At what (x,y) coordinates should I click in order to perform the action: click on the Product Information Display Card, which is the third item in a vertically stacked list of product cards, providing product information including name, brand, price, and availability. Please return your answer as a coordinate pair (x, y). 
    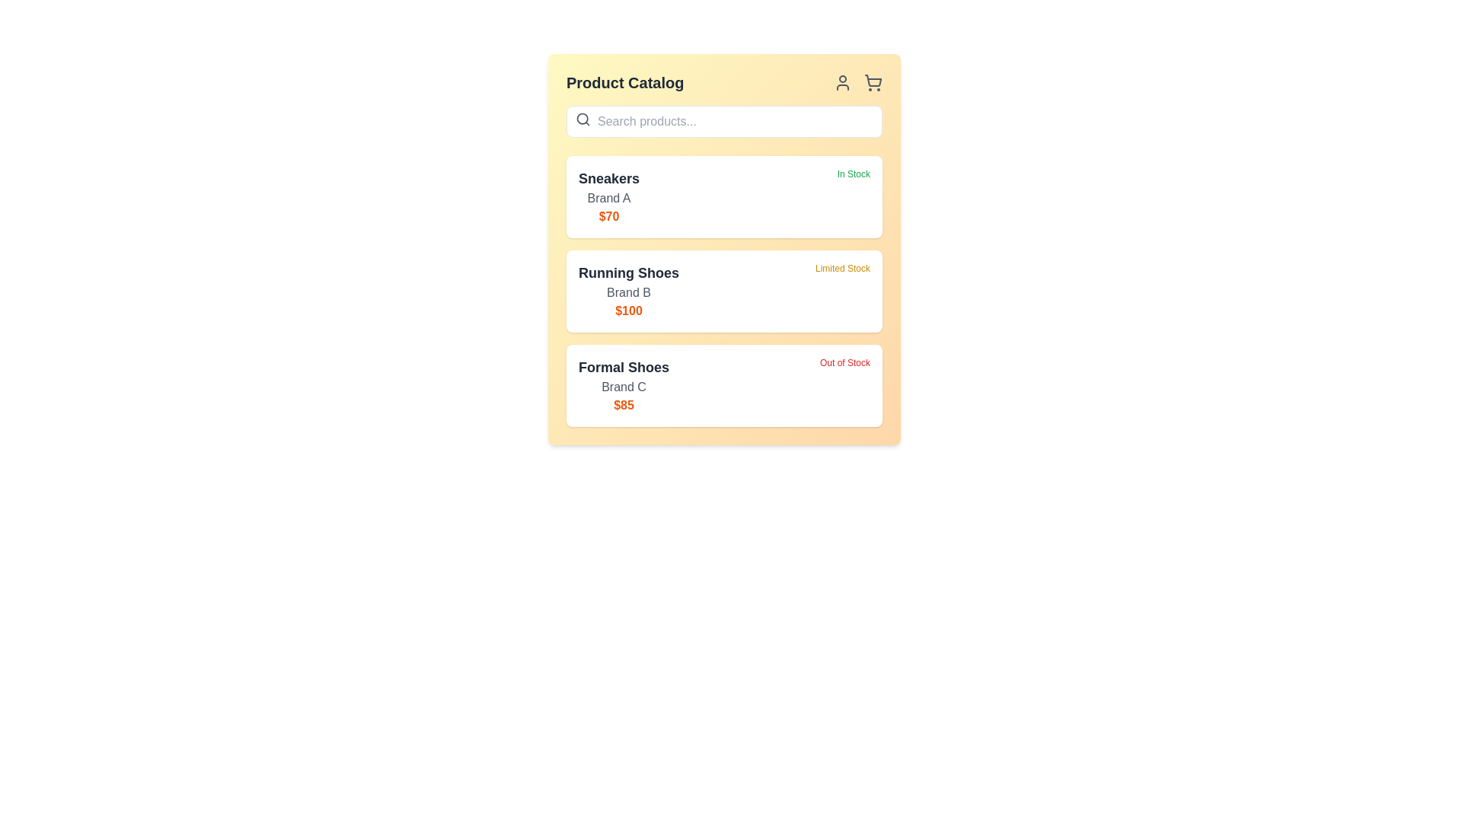
    Looking at the image, I should click on (723, 384).